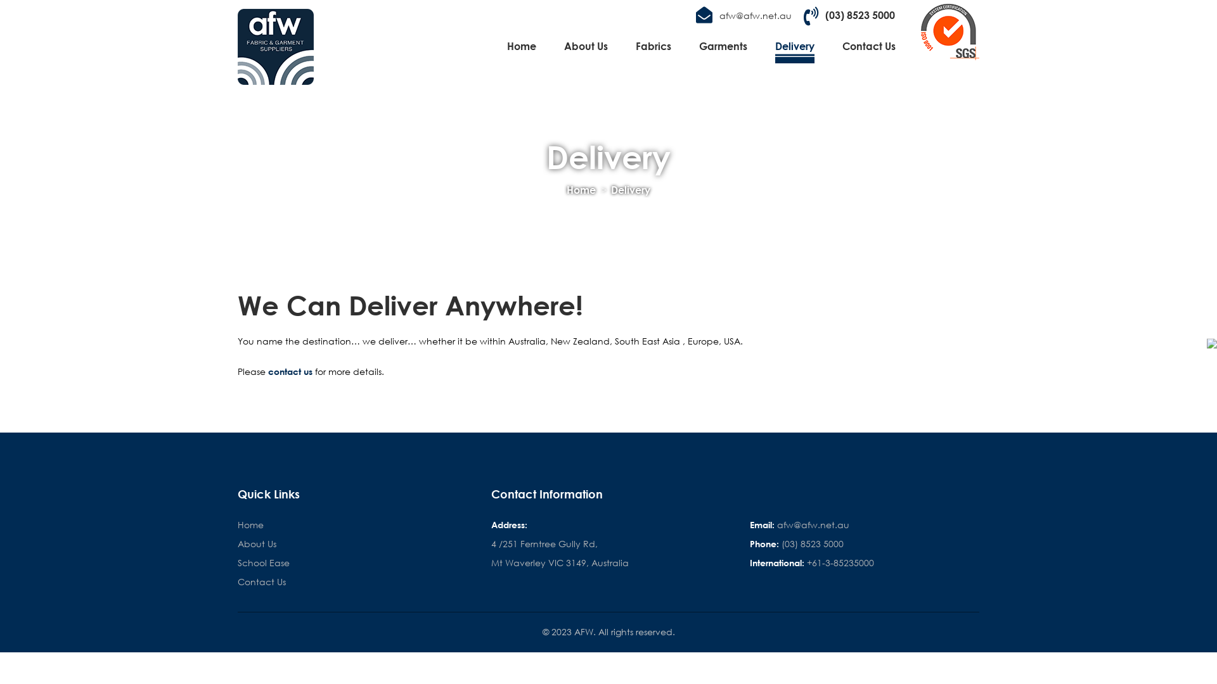  What do you see at coordinates (744, 16) in the screenshot?
I see `'afw@afw.net.au'` at bounding box center [744, 16].